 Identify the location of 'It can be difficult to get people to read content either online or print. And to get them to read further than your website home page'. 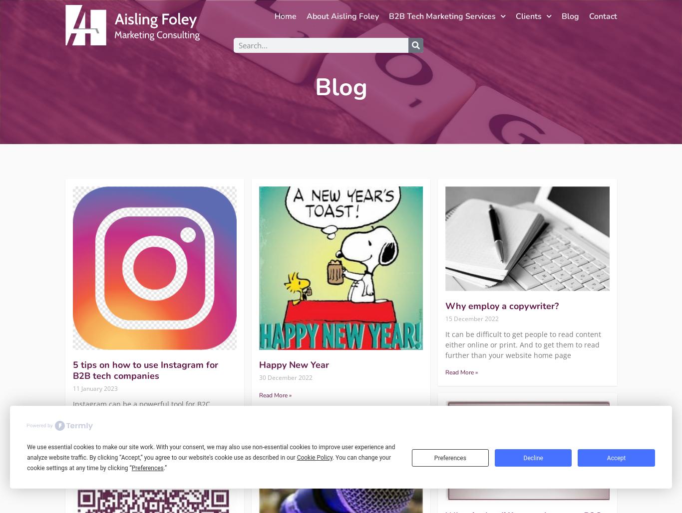
(522, 344).